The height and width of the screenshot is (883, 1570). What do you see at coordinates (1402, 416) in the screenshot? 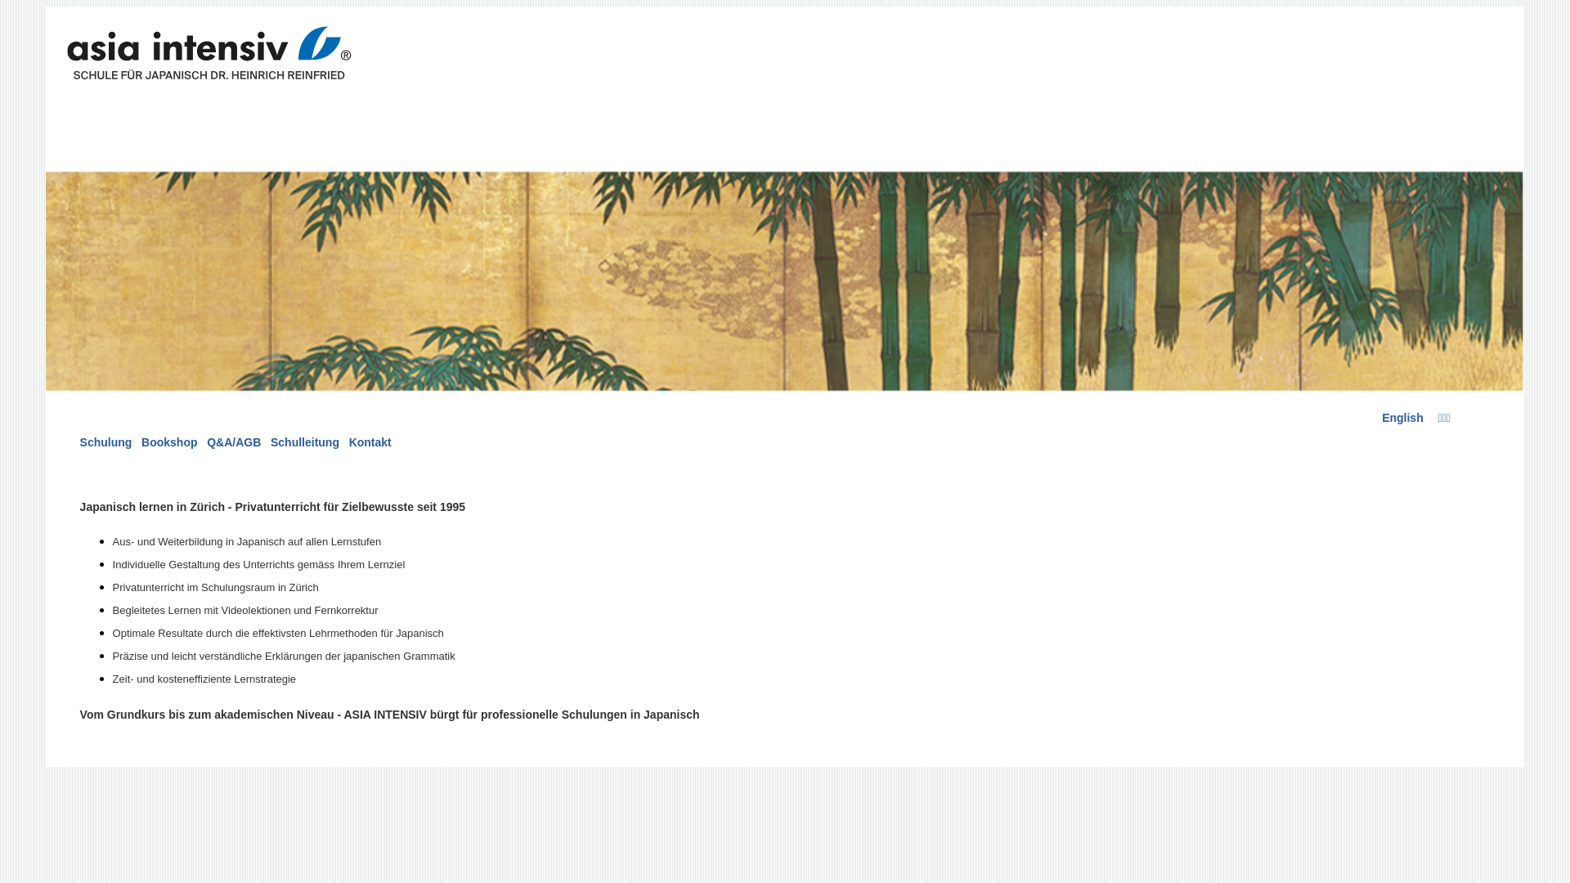
I see `'English'` at bounding box center [1402, 416].